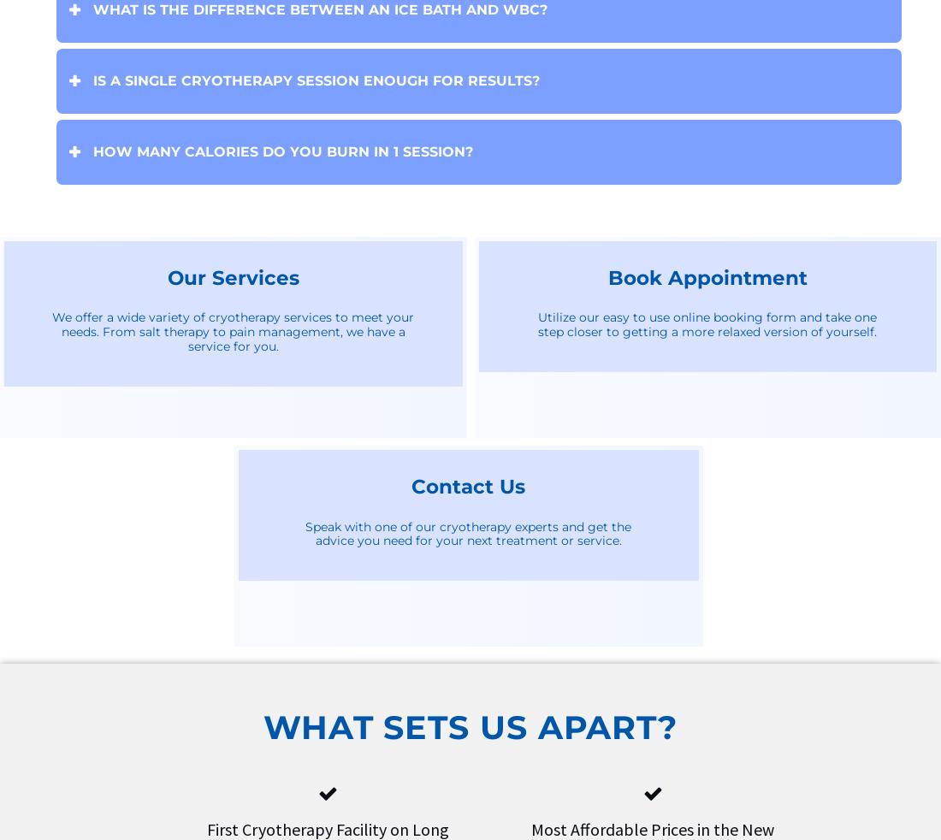 Image resolution: width=941 pixels, height=840 pixels. Describe the element at coordinates (468, 532) in the screenshot. I see `'Speak with one of our cryotherapy experts and get the advice you need for your next treatment or service.'` at that location.